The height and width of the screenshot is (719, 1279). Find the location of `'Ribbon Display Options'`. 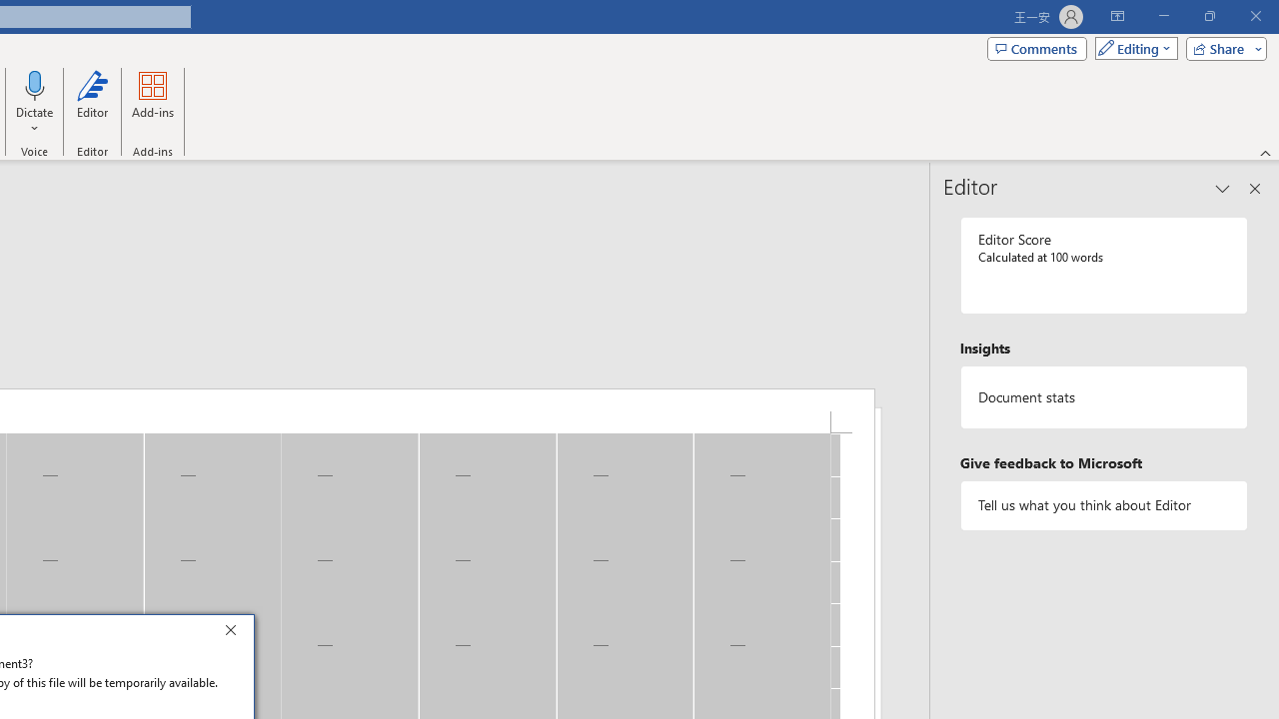

'Ribbon Display Options' is located at coordinates (1116, 16).